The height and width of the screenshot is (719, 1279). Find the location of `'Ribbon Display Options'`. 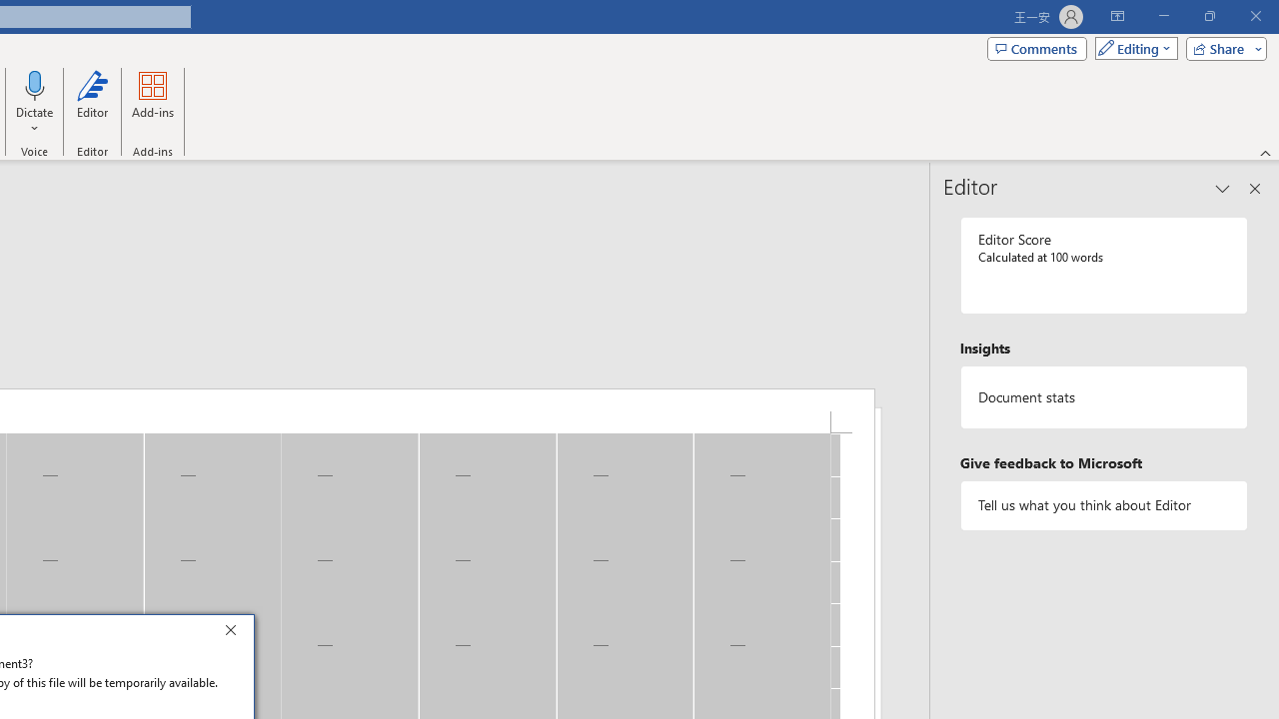

'Ribbon Display Options' is located at coordinates (1116, 16).